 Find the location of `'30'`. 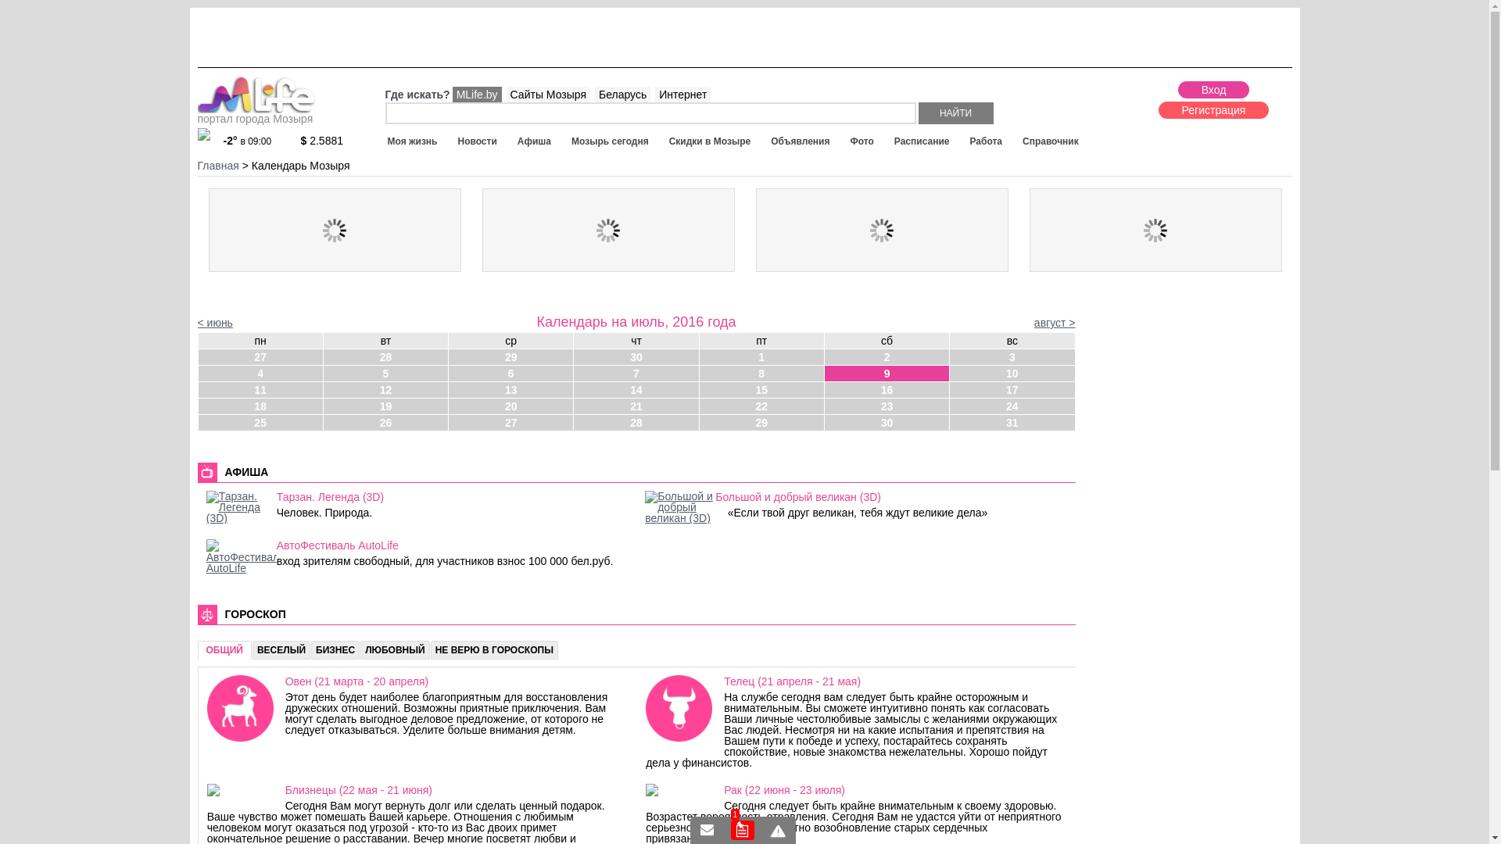

'30' is located at coordinates (636, 356).